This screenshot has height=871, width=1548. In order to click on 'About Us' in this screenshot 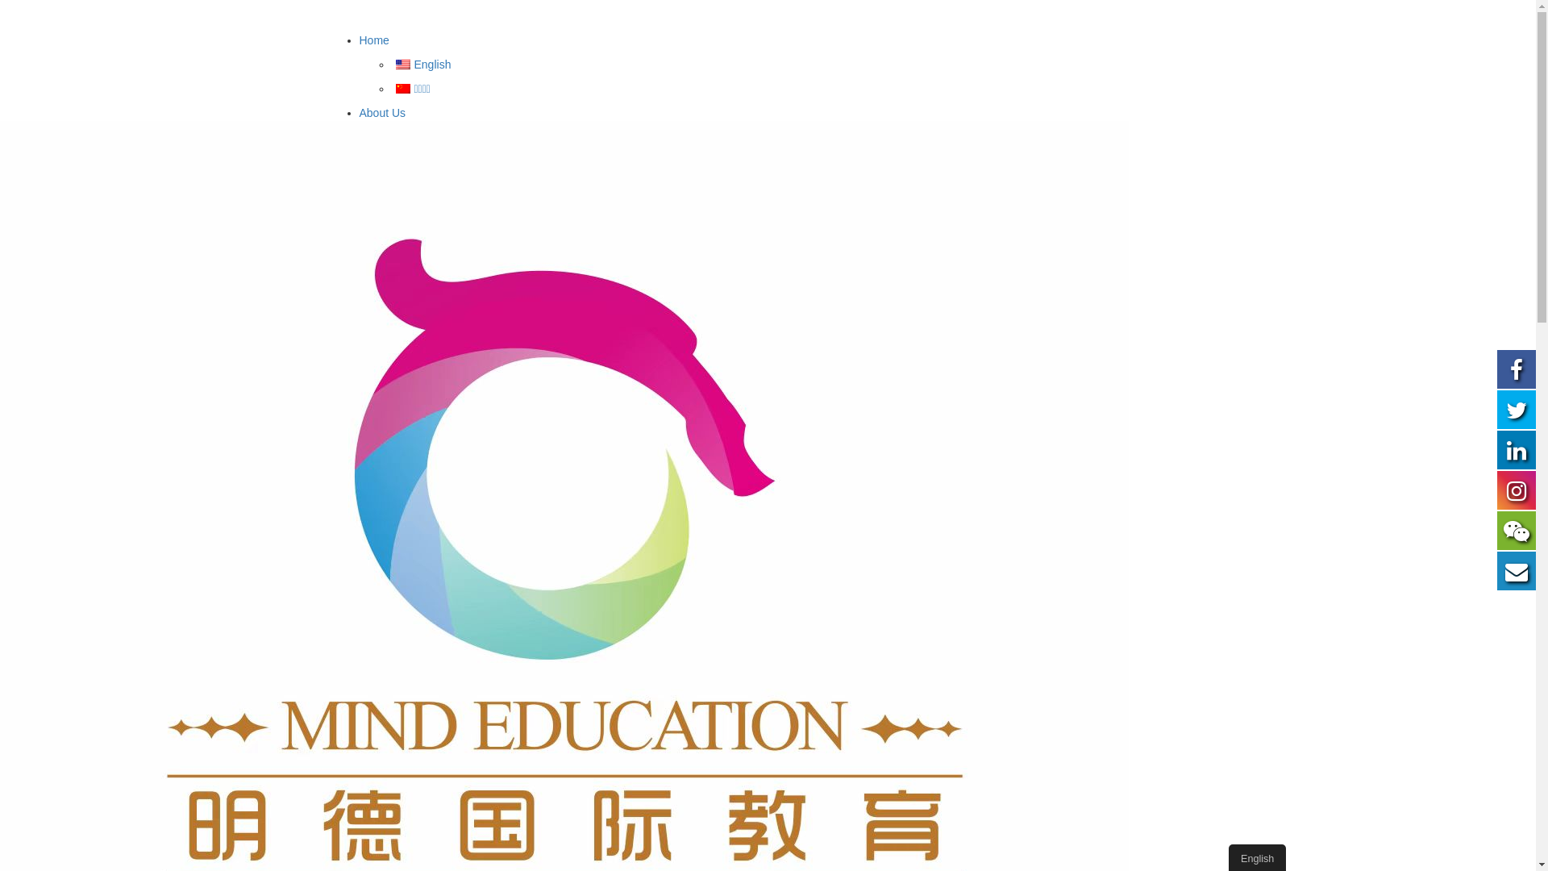, I will do `click(382, 111)`.